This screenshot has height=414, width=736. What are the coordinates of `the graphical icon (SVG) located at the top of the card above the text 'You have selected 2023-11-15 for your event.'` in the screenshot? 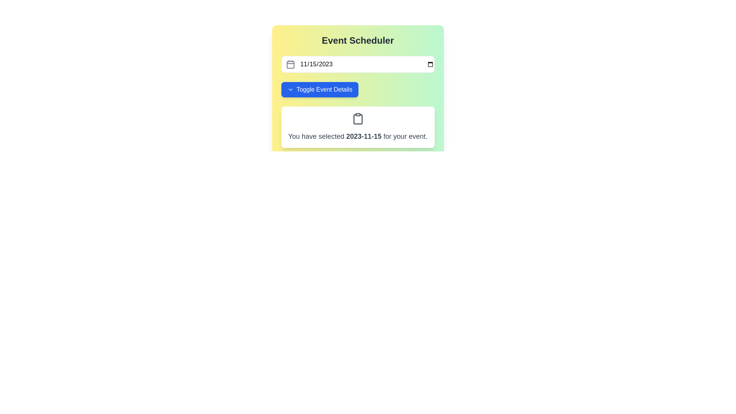 It's located at (357, 118).